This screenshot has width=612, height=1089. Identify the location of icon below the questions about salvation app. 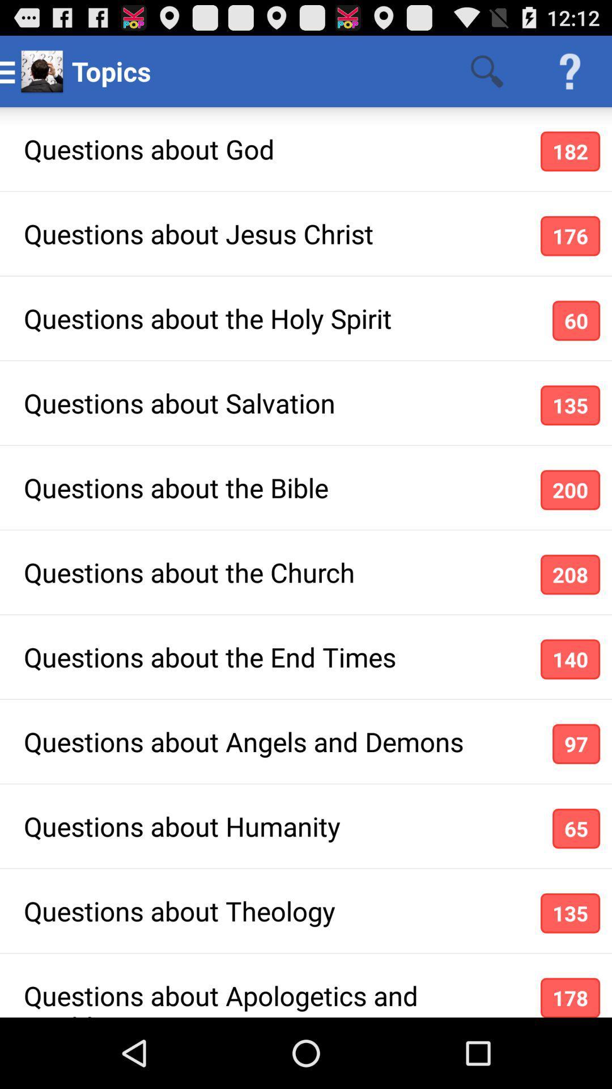
(570, 490).